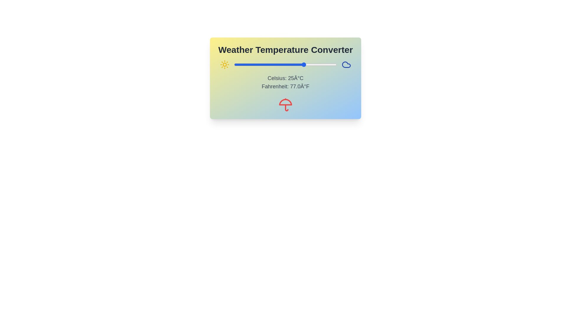 The width and height of the screenshot is (567, 319). Describe the element at coordinates (224, 65) in the screenshot. I see `the sun icon to simulate interaction` at that location.